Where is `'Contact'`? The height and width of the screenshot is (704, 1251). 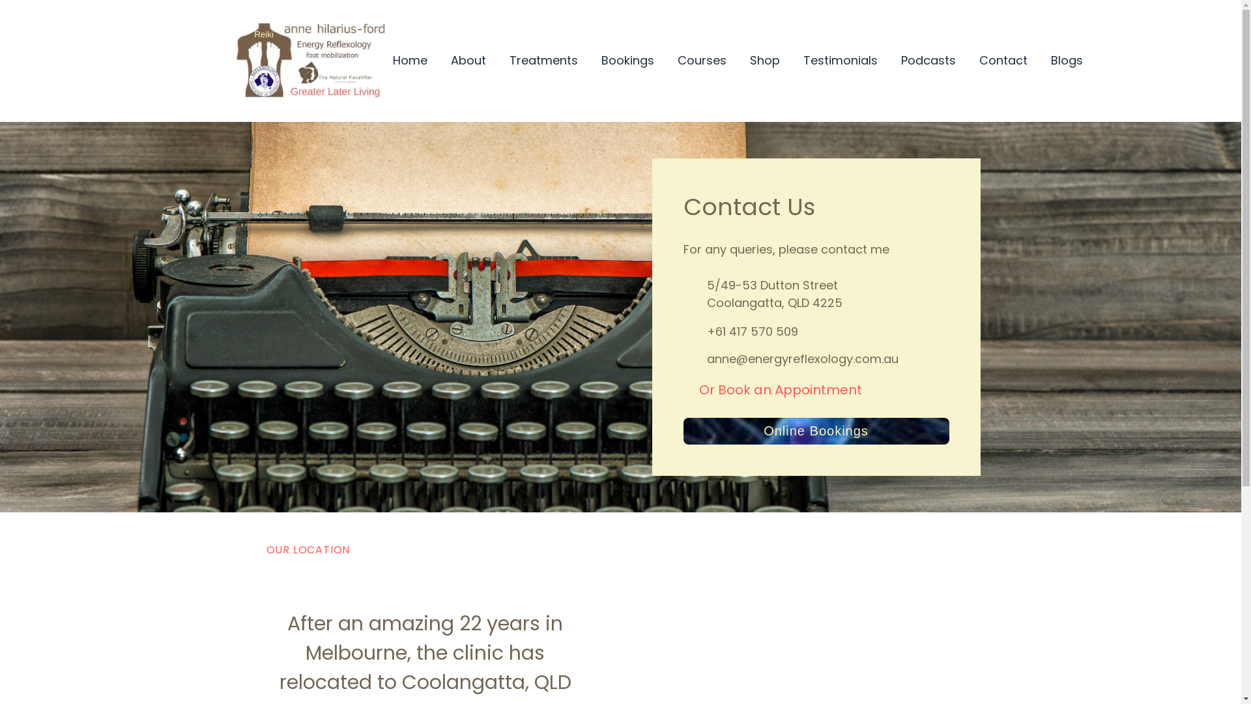 'Contact' is located at coordinates (1002, 61).